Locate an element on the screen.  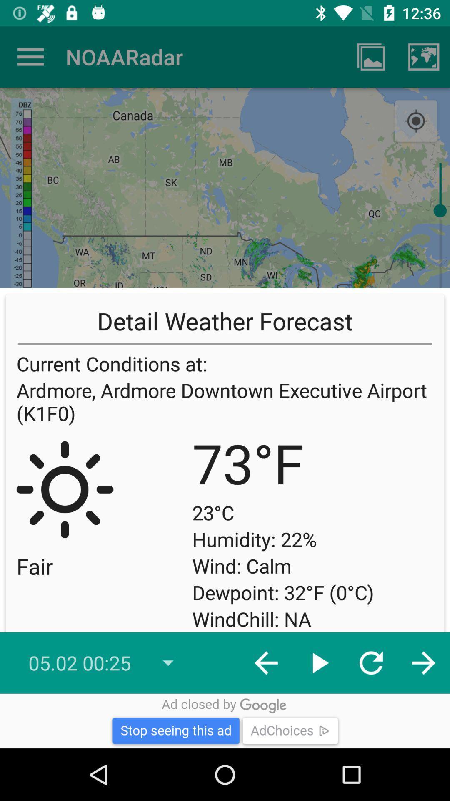
the item next to 05 02 00 app is located at coordinates (266, 662).